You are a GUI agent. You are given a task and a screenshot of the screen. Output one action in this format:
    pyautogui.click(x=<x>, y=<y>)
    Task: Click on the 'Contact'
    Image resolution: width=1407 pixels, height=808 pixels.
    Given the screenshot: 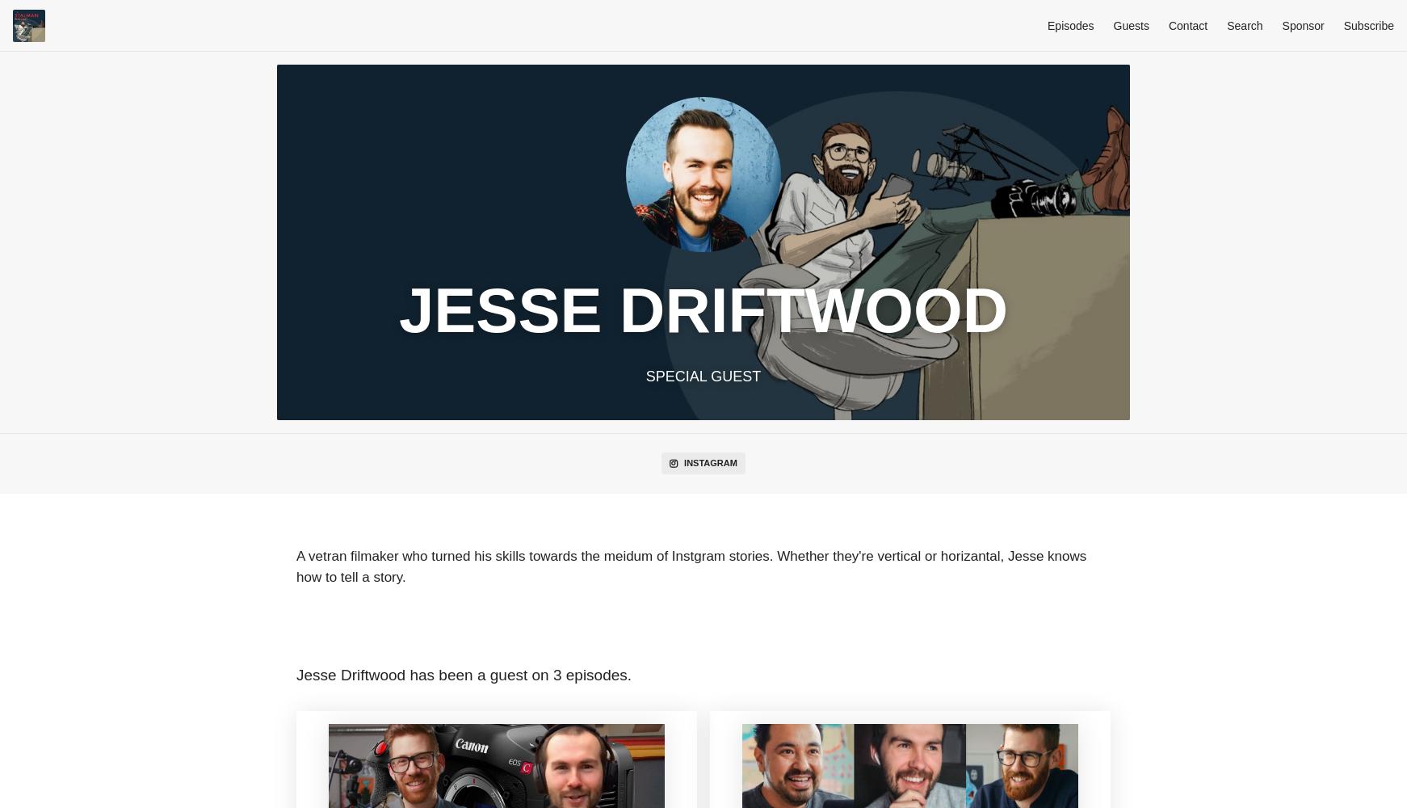 What is the action you would take?
    pyautogui.click(x=1186, y=26)
    